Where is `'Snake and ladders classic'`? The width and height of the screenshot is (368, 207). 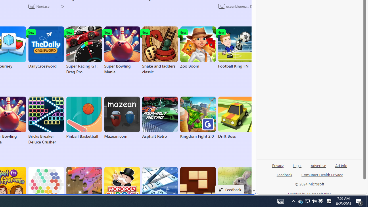
'Snake and ladders classic' is located at coordinates (160, 50).